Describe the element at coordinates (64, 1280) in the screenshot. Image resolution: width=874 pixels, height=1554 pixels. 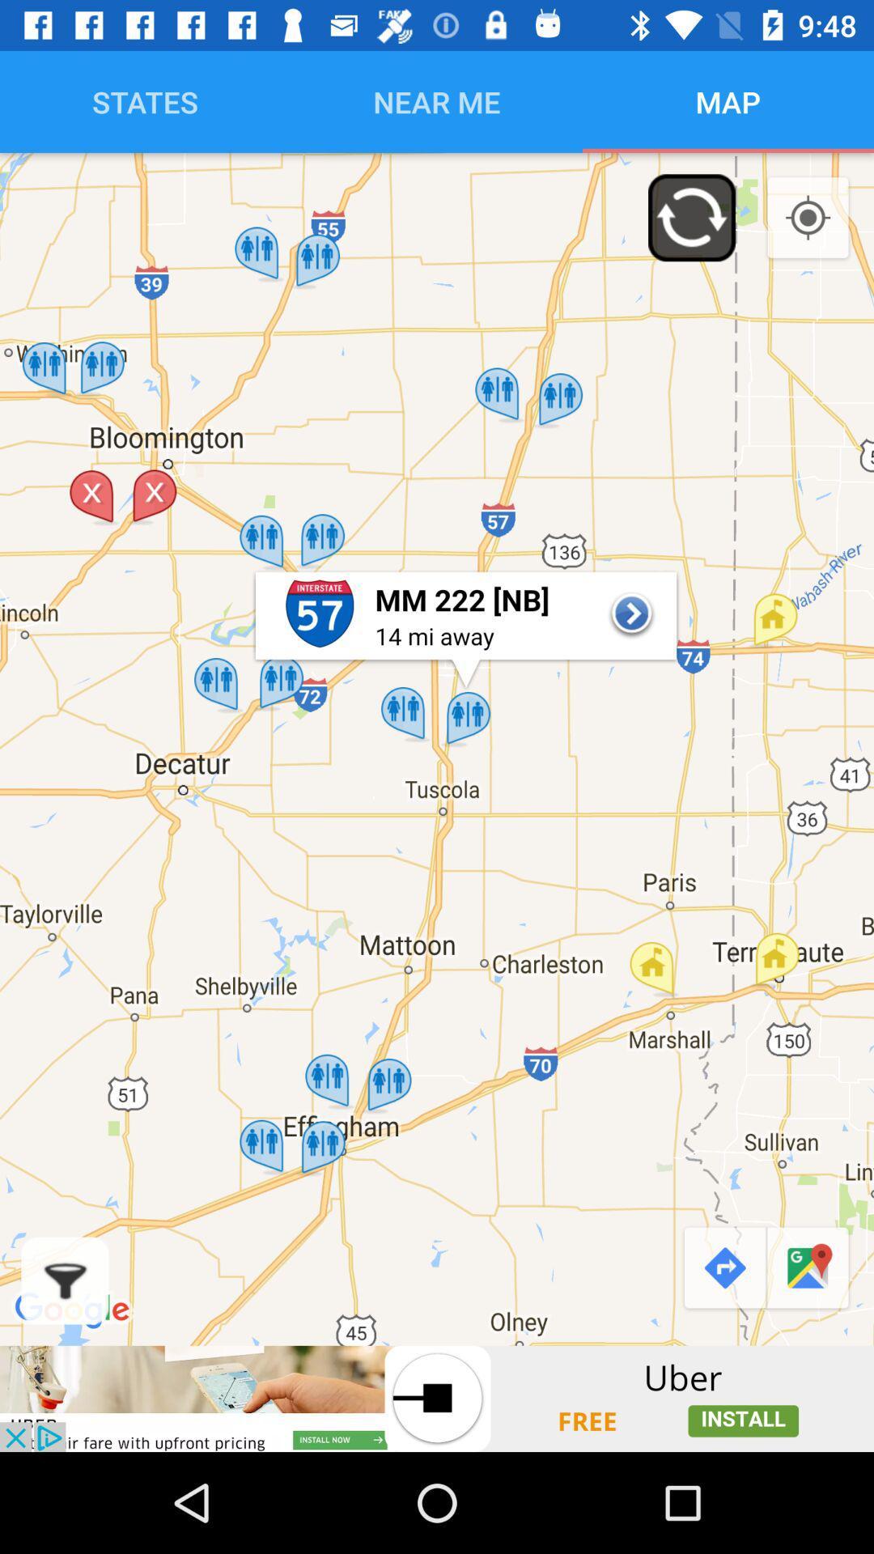
I see `filters` at that location.